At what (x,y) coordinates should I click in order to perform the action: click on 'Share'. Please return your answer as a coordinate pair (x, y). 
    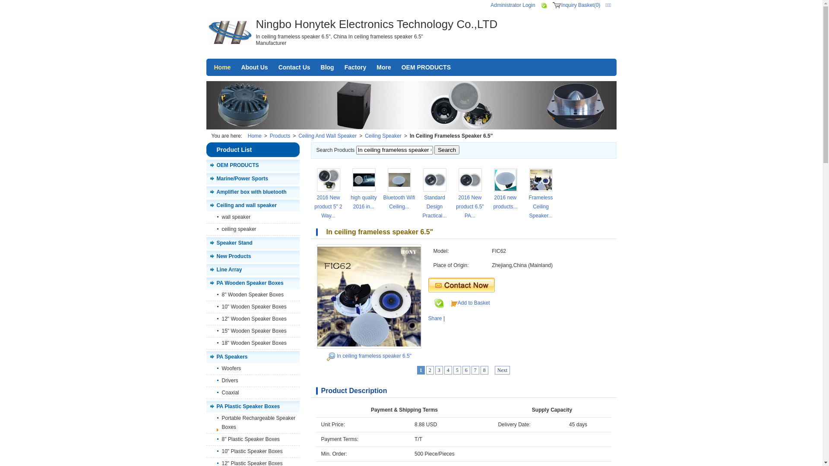
    Looking at the image, I should click on (435, 318).